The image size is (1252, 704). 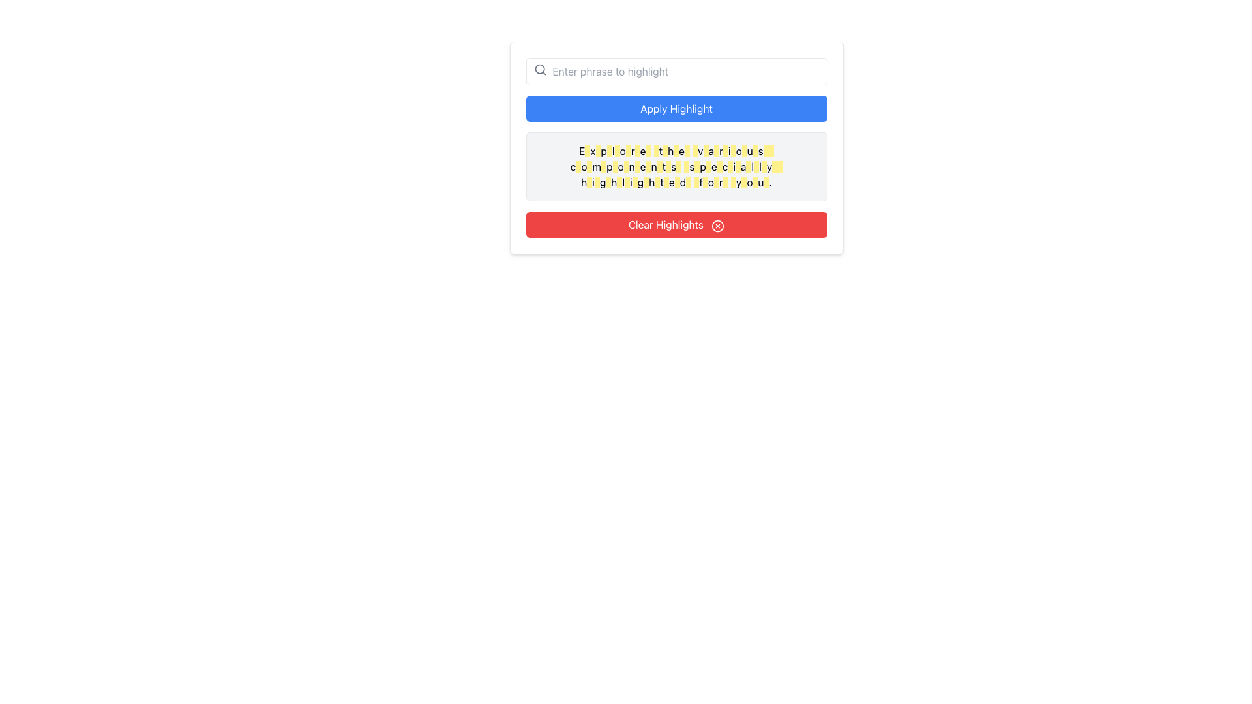 I want to click on the fourth highlighted segment of the word 'components' in the visual highlight block to emphasize it, so click(x=614, y=166).